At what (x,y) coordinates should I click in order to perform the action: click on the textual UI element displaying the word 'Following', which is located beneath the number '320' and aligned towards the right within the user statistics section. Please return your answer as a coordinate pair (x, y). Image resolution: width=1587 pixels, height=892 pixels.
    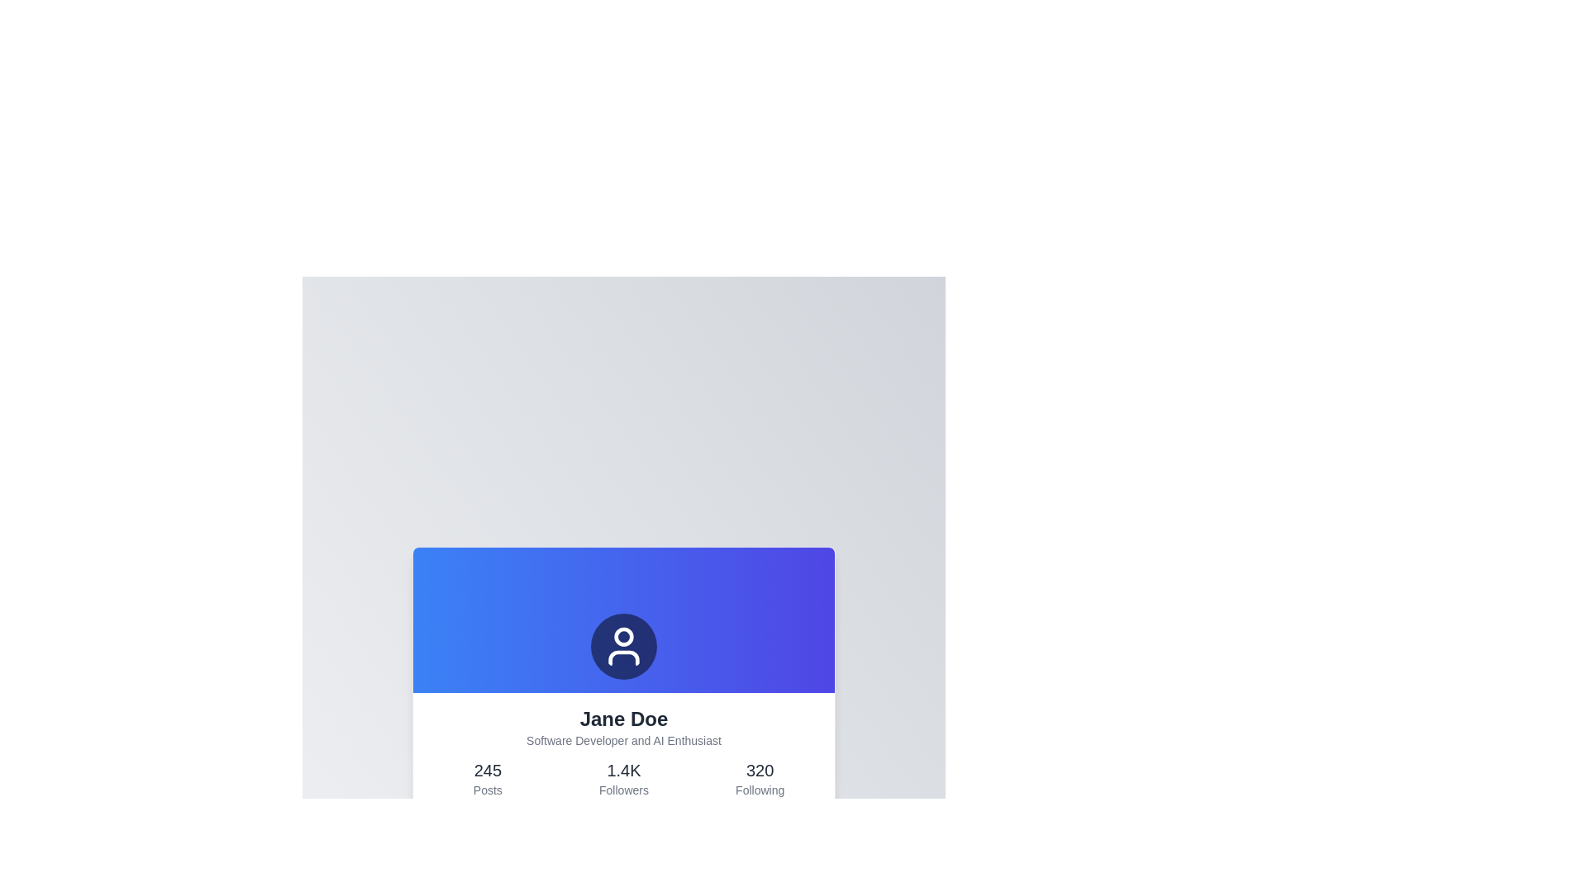
    Looking at the image, I should click on (759, 789).